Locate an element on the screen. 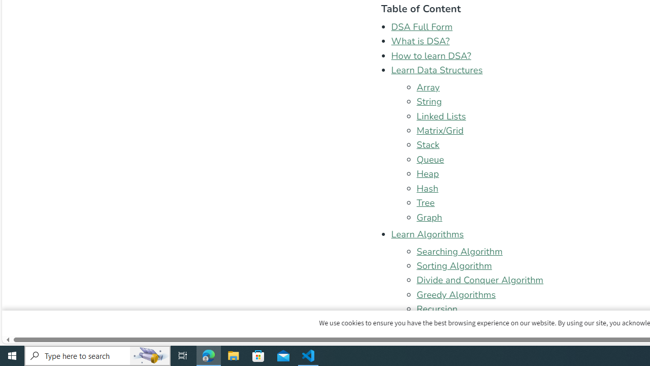 The height and width of the screenshot is (366, 650). 'Backtracking Algorithm' is located at coordinates (465, 323).